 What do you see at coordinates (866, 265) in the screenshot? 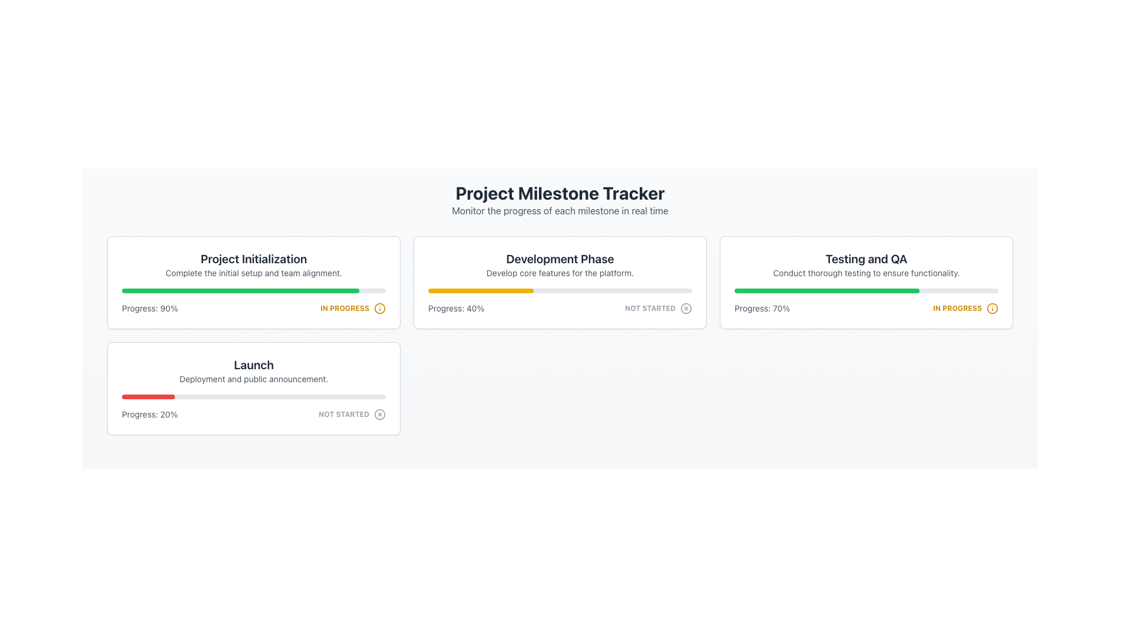
I see `description from the text block that labels the 'Testing and QA' phase in the project tracker, located in the top right card of the main grid layout` at bounding box center [866, 265].